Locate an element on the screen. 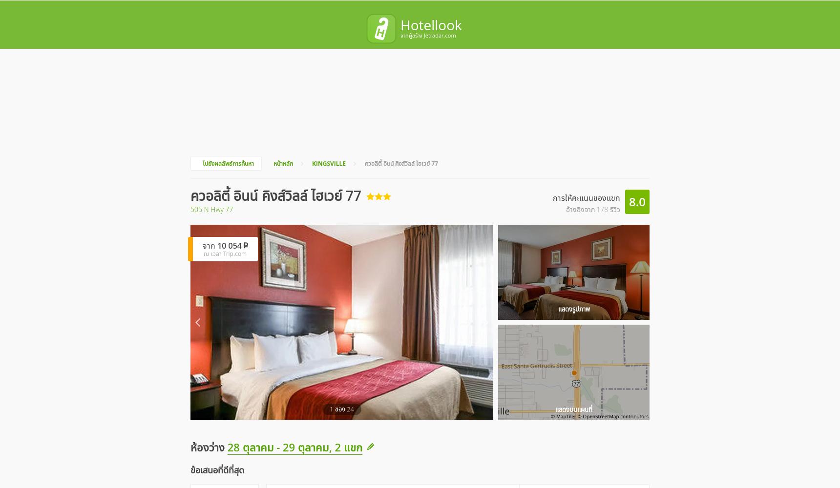 The height and width of the screenshot is (488, 840). '10.0' is located at coordinates (366, 356).